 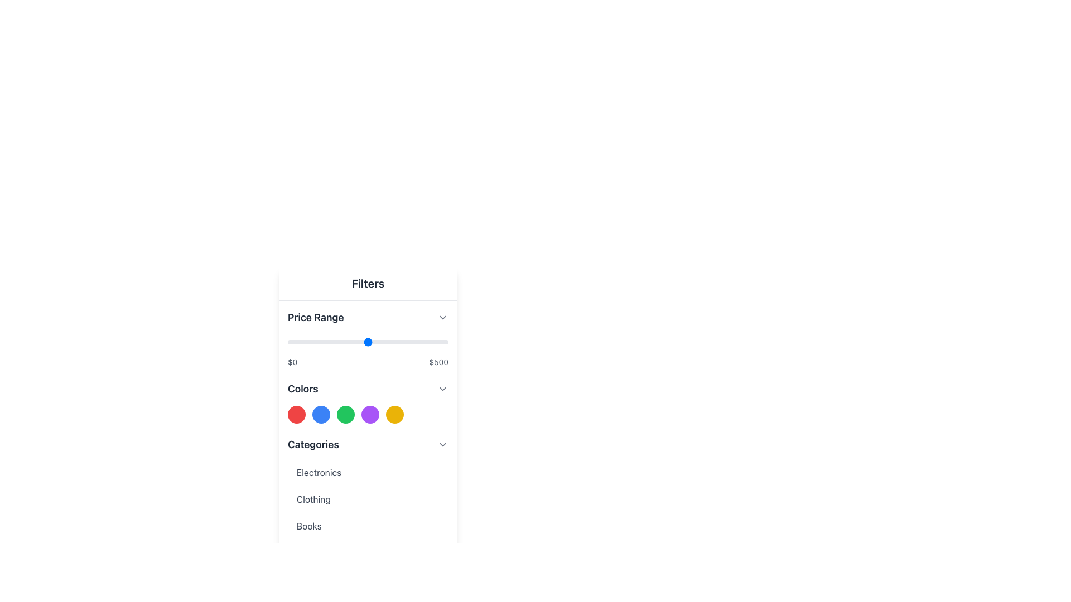 What do you see at coordinates (436, 341) in the screenshot?
I see `the price range` at bounding box center [436, 341].